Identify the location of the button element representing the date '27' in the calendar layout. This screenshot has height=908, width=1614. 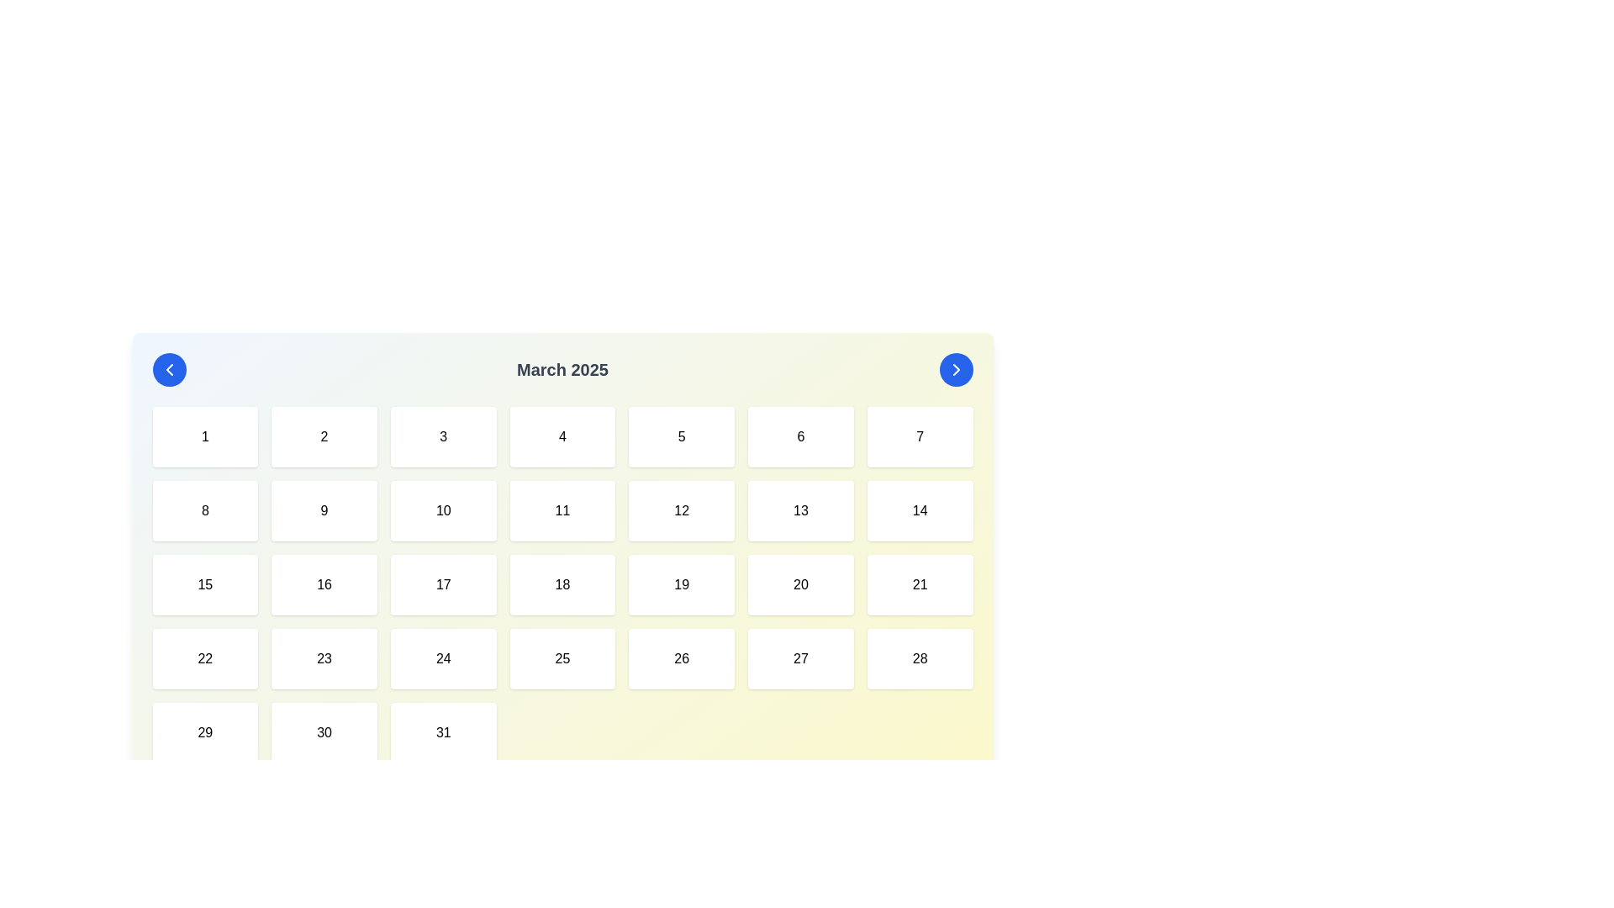
(799, 657).